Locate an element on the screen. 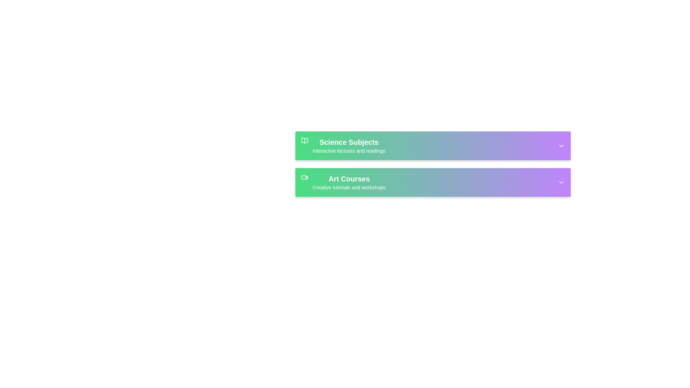 The image size is (690, 388). the 'Science Subjects' text label with accompanying icon to enable interaction is located at coordinates (343, 145).